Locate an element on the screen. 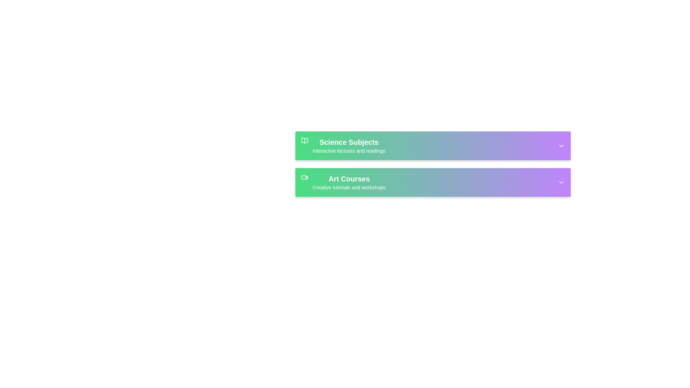 The image size is (690, 388). the 'Science Subjects' text label with accompanying icon to enable interaction is located at coordinates (343, 145).